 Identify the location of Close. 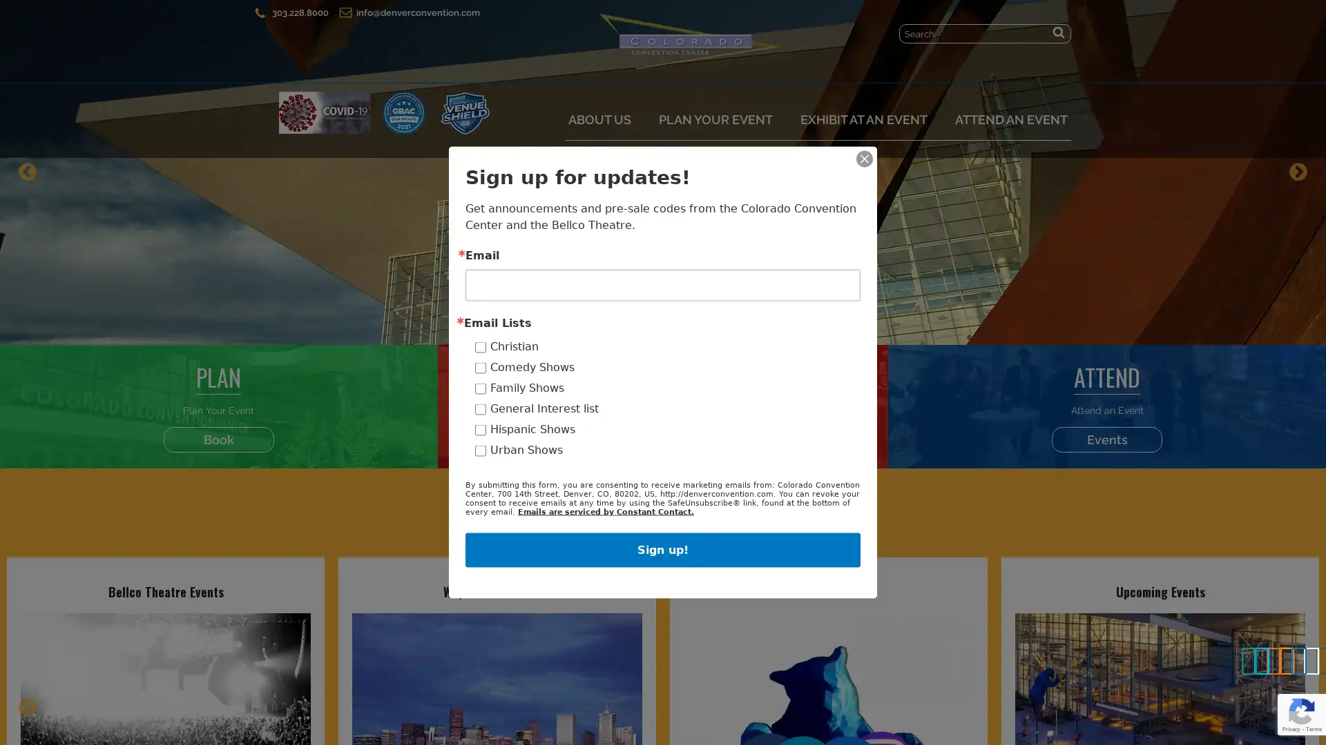
(864, 158).